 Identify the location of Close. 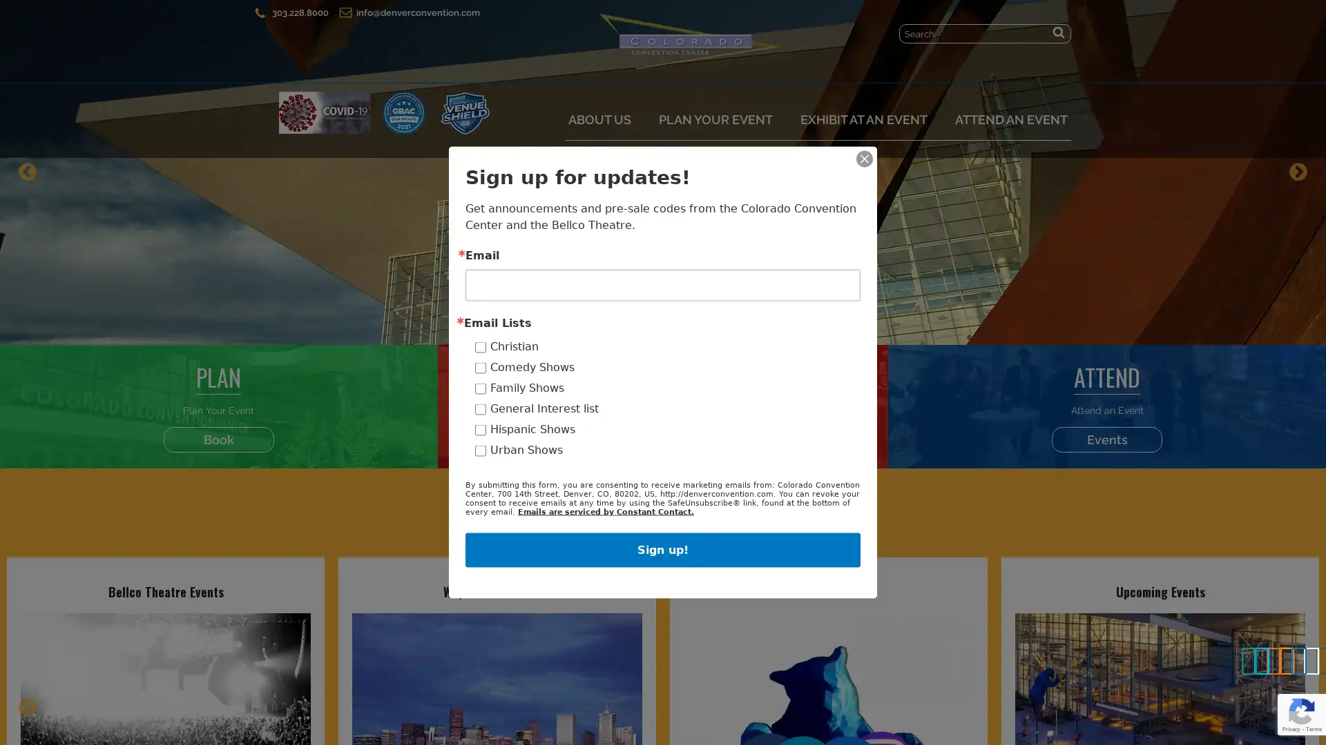
(864, 158).